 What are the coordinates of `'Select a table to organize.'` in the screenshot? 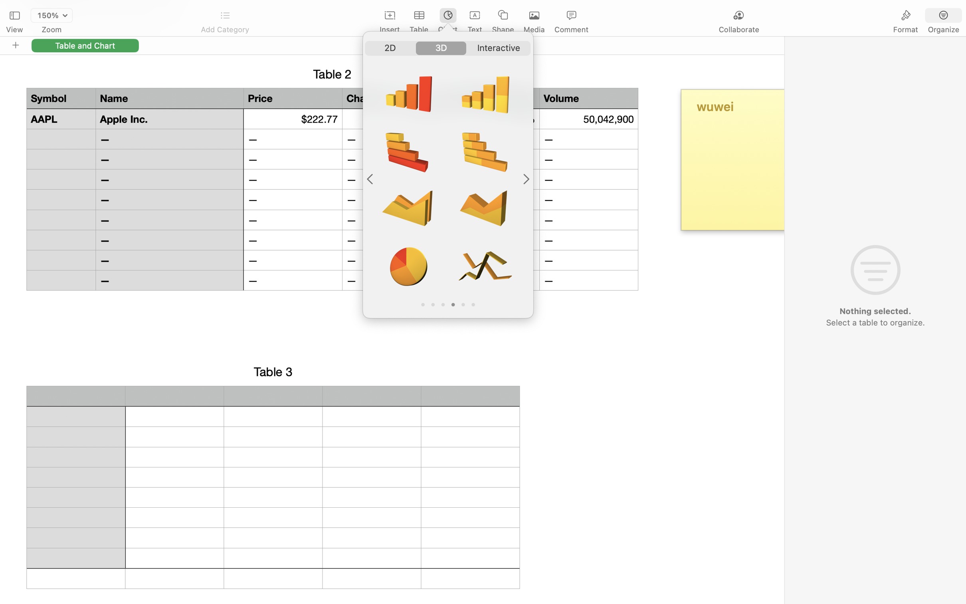 It's located at (875, 322).